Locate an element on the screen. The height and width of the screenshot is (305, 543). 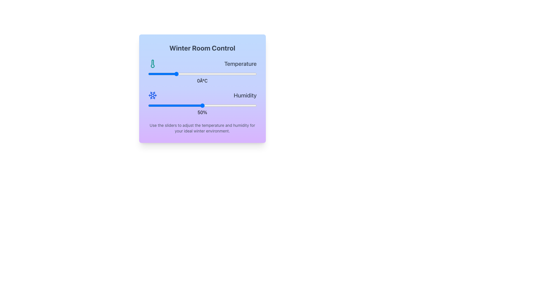
humidity level is located at coordinates (178, 106).